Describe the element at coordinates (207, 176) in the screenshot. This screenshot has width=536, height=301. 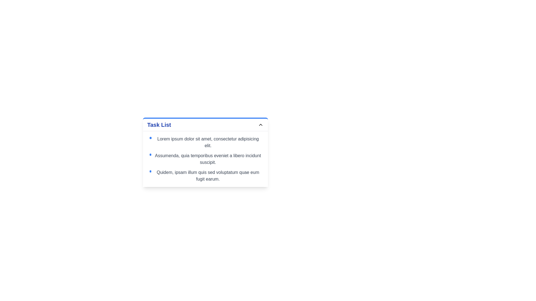
I see `the Text label at the bottom of the Task List card, which conveys information or a task description` at that location.